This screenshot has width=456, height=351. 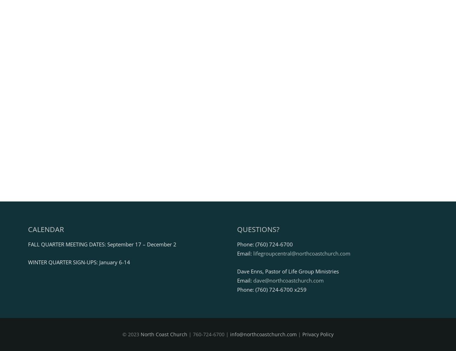 What do you see at coordinates (288, 280) in the screenshot?
I see `'dave@northcoastchurch.com'` at bounding box center [288, 280].